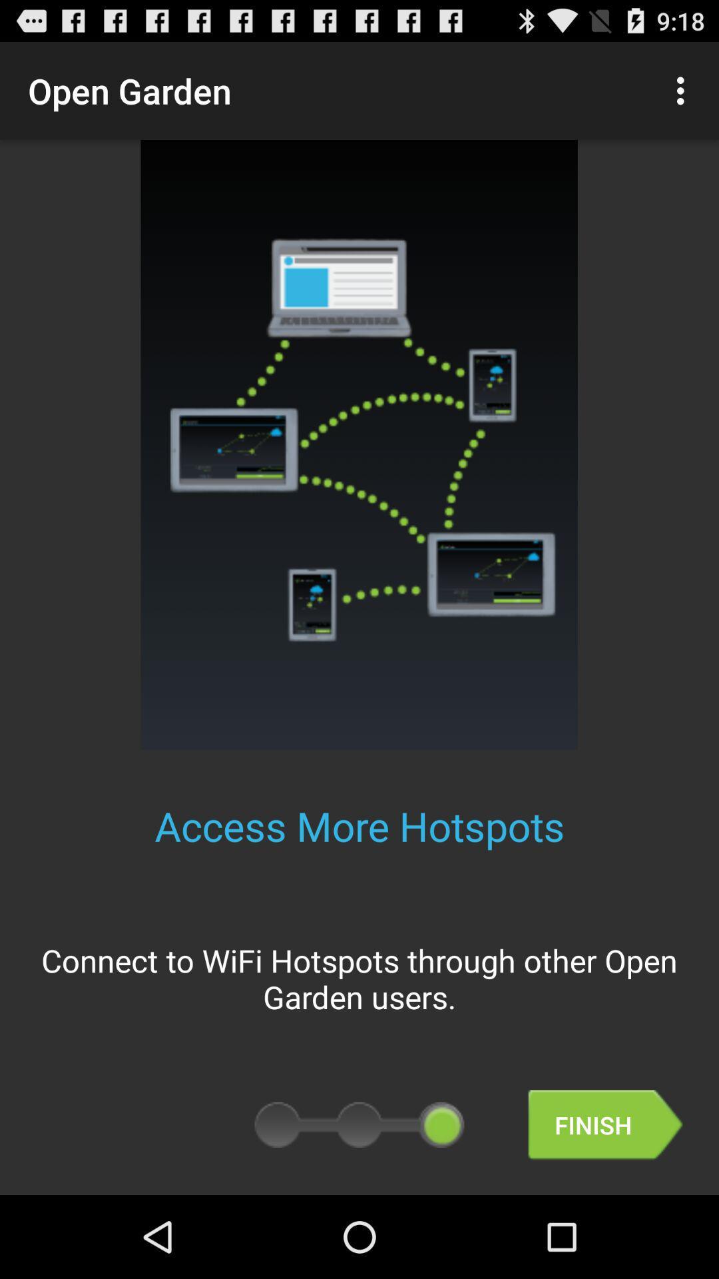  What do you see at coordinates (605, 1124) in the screenshot?
I see `finish button` at bounding box center [605, 1124].